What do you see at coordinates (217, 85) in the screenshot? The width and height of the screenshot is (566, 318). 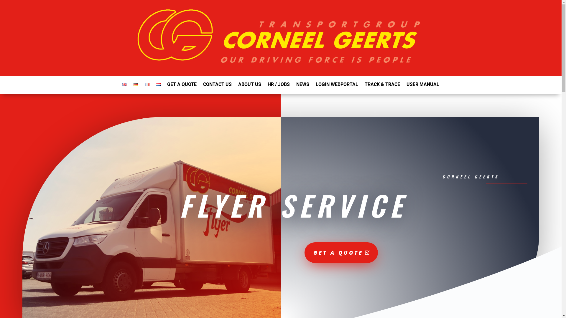 I see `'CONTACT US'` at bounding box center [217, 85].